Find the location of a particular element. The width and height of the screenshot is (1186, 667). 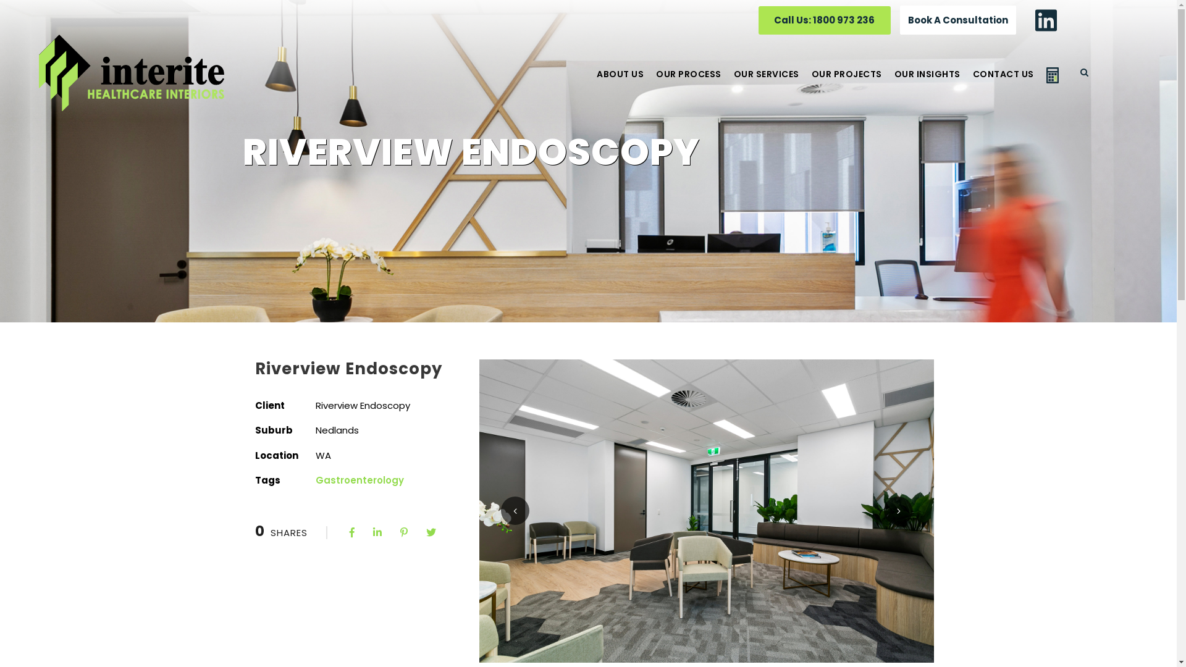

'OUR SERVICES' is located at coordinates (734, 82).